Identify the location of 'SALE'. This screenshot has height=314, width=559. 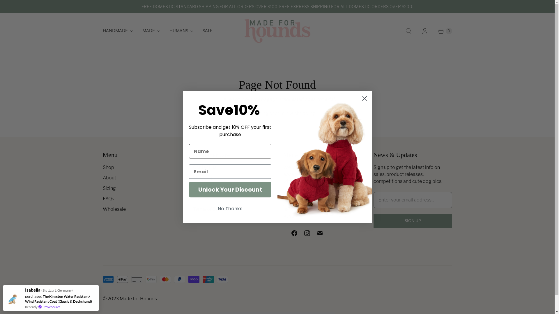
(208, 31).